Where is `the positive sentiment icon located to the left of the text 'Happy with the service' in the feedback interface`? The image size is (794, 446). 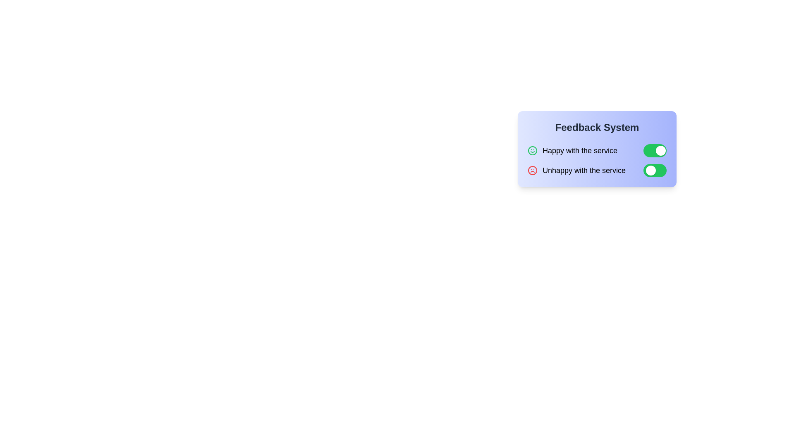 the positive sentiment icon located to the left of the text 'Happy with the service' in the feedback interface is located at coordinates (532, 151).